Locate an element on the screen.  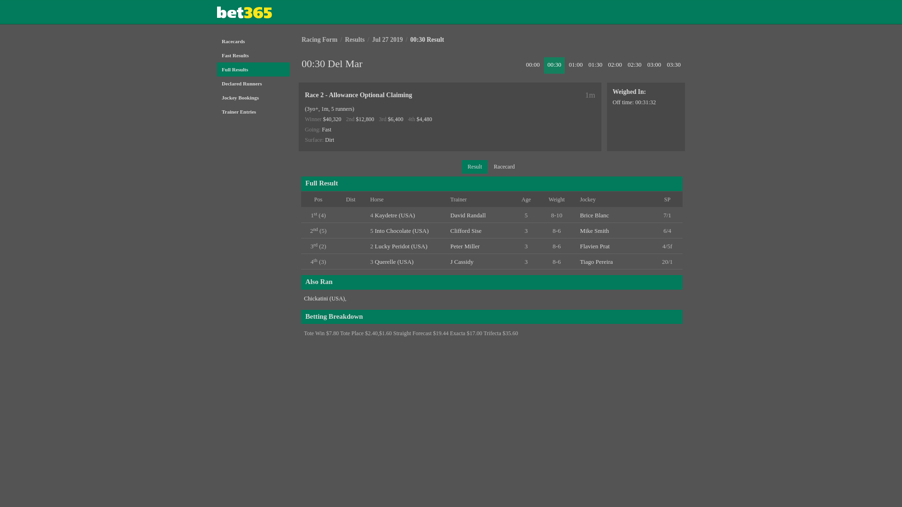
'Fast Results' is located at coordinates (253, 55).